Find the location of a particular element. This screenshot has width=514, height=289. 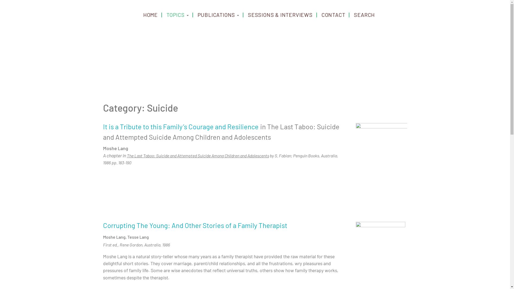

'SESSIONS & INTERVIEWS' is located at coordinates (280, 14).